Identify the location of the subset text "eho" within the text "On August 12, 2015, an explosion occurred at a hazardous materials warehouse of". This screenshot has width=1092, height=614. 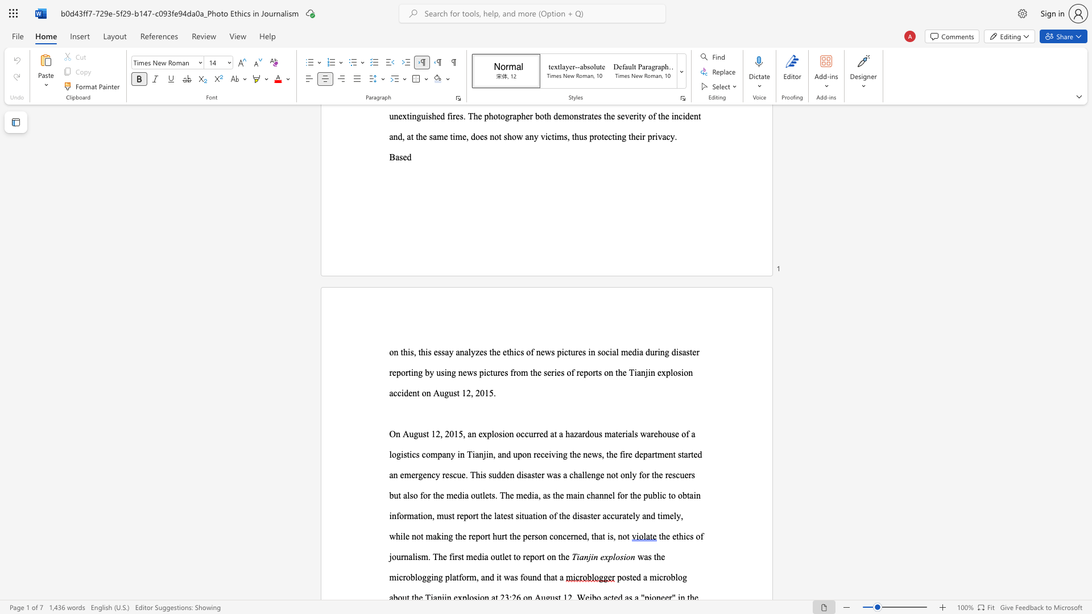
(653, 434).